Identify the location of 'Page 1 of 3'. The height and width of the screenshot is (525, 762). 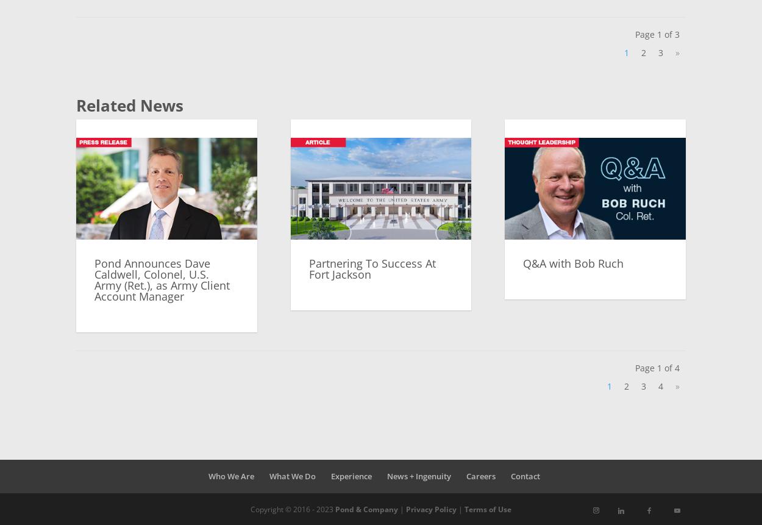
(657, 34).